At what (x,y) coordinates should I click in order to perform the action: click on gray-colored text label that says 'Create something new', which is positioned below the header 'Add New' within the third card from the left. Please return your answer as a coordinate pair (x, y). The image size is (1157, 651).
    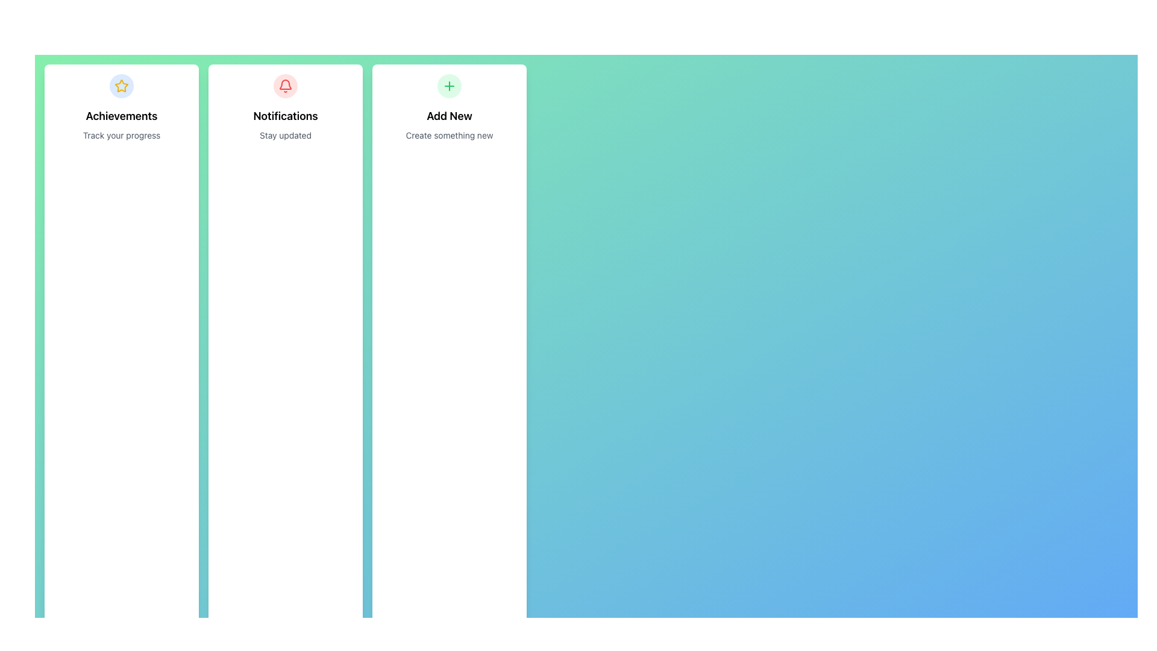
    Looking at the image, I should click on (448, 135).